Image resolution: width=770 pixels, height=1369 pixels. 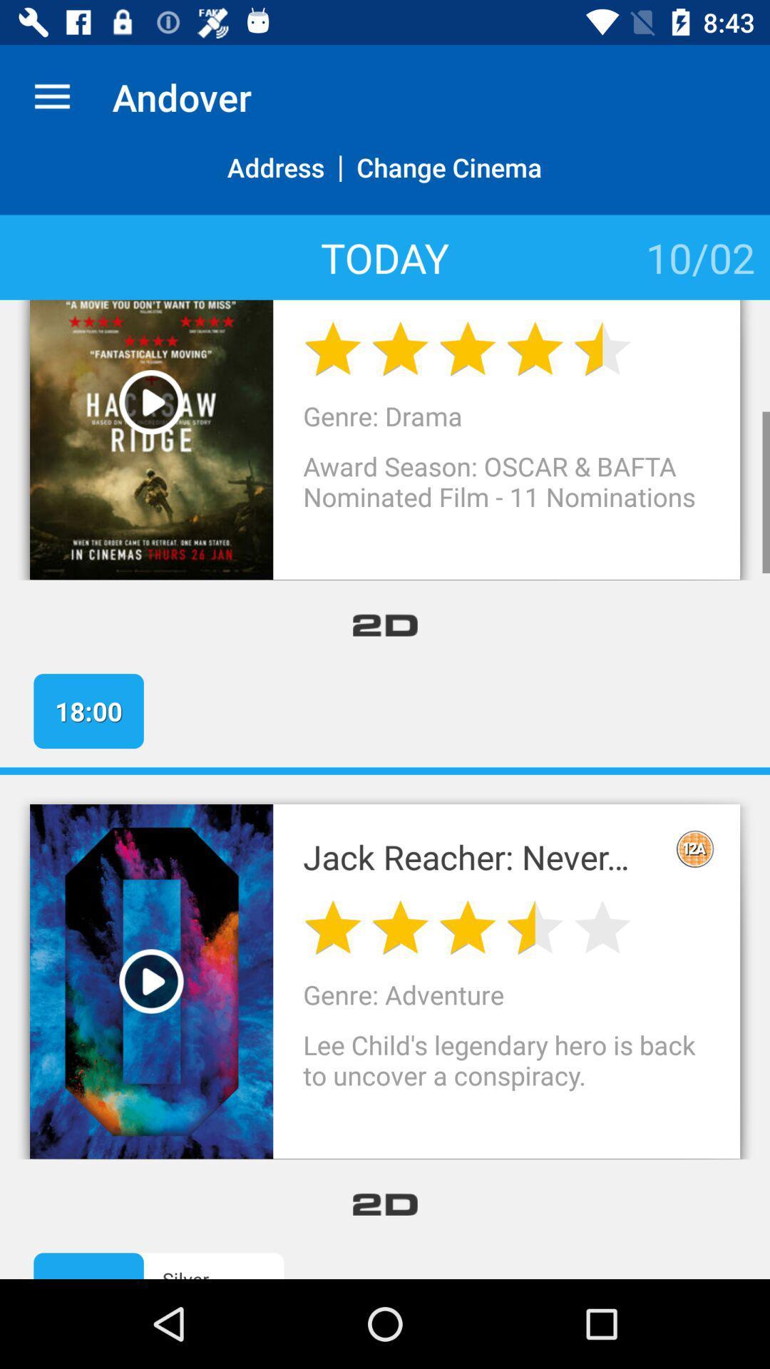 I want to click on the video, so click(x=151, y=980).